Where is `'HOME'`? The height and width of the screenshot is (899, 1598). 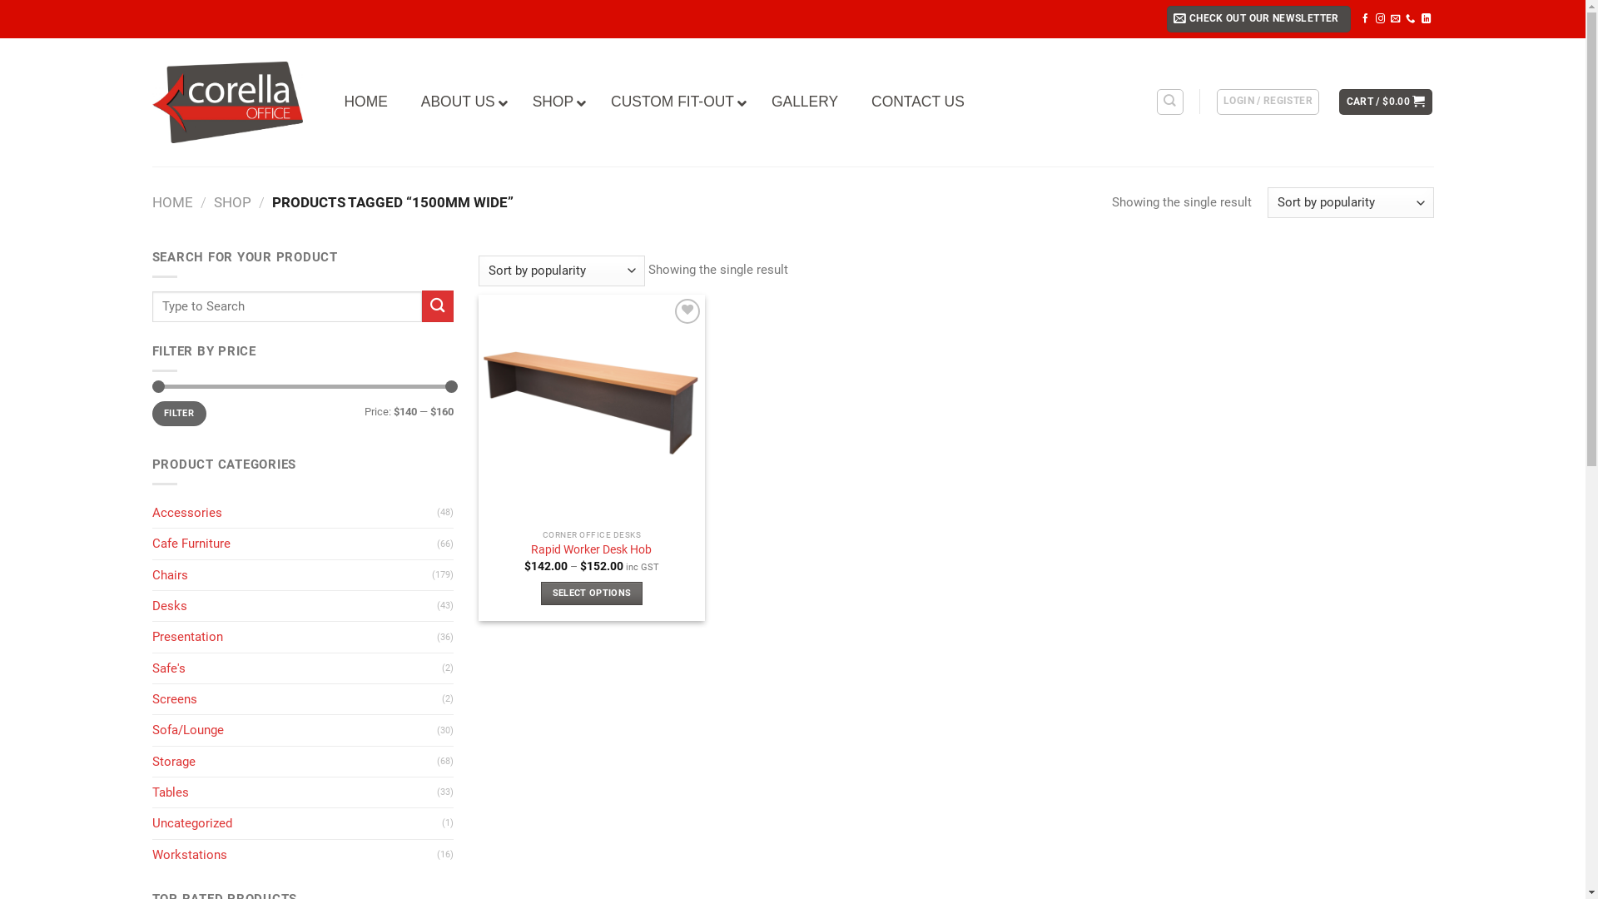 'HOME' is located at coordinates (171, 201).